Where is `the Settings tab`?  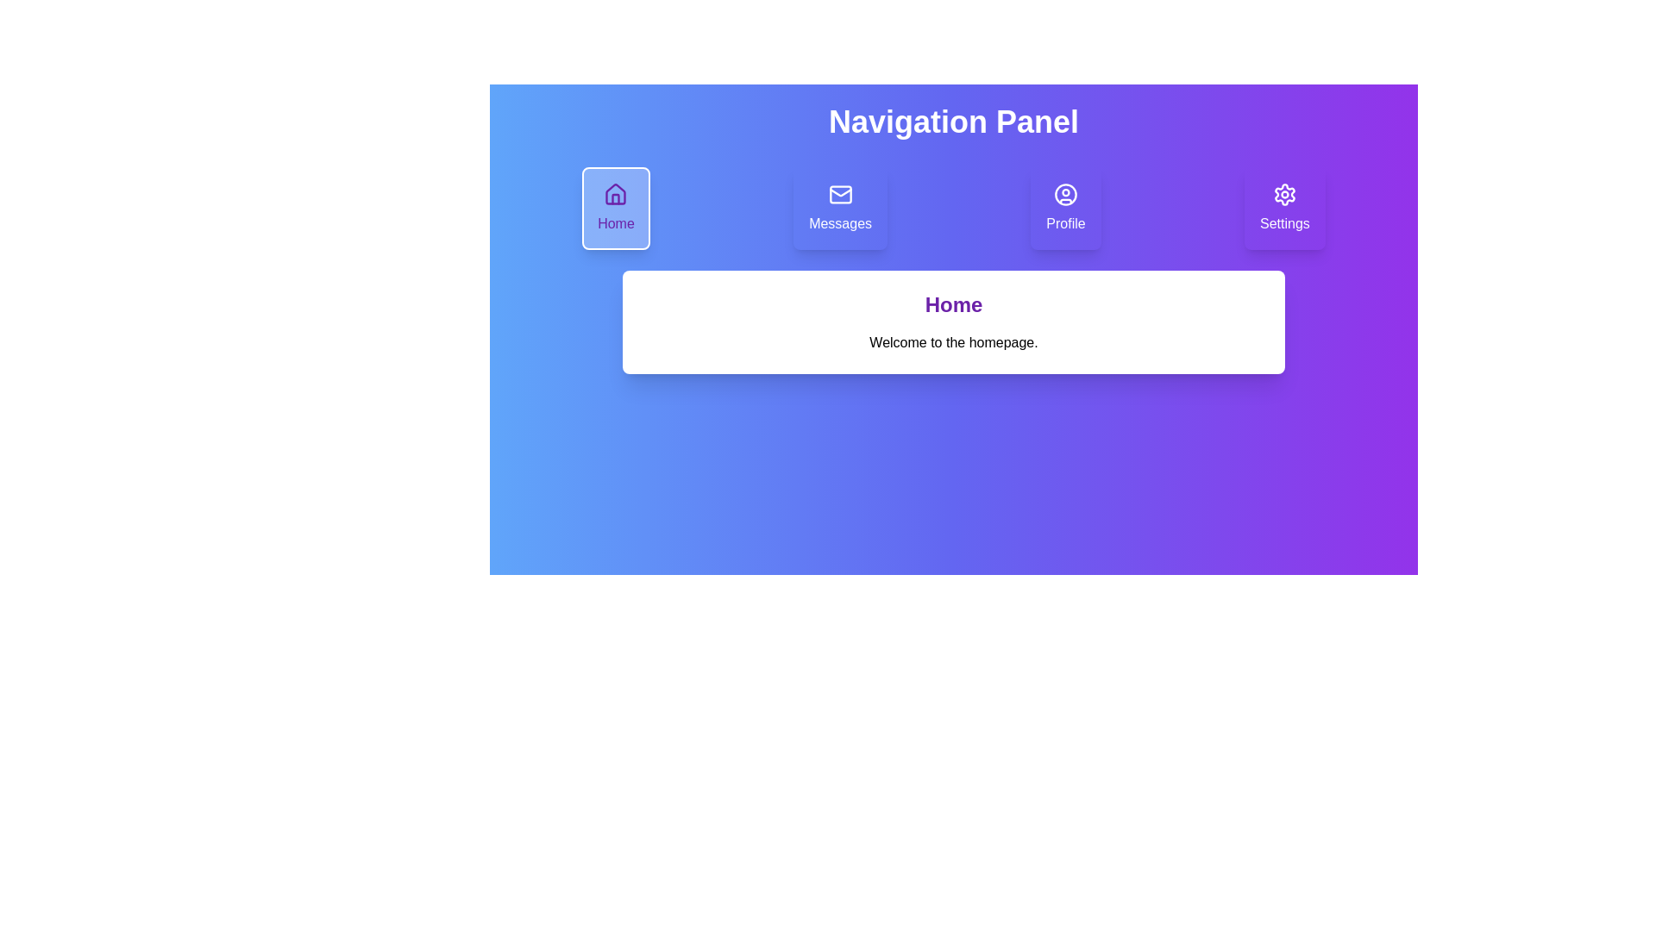
the Settings tab is located at coordinates (1284, 208).